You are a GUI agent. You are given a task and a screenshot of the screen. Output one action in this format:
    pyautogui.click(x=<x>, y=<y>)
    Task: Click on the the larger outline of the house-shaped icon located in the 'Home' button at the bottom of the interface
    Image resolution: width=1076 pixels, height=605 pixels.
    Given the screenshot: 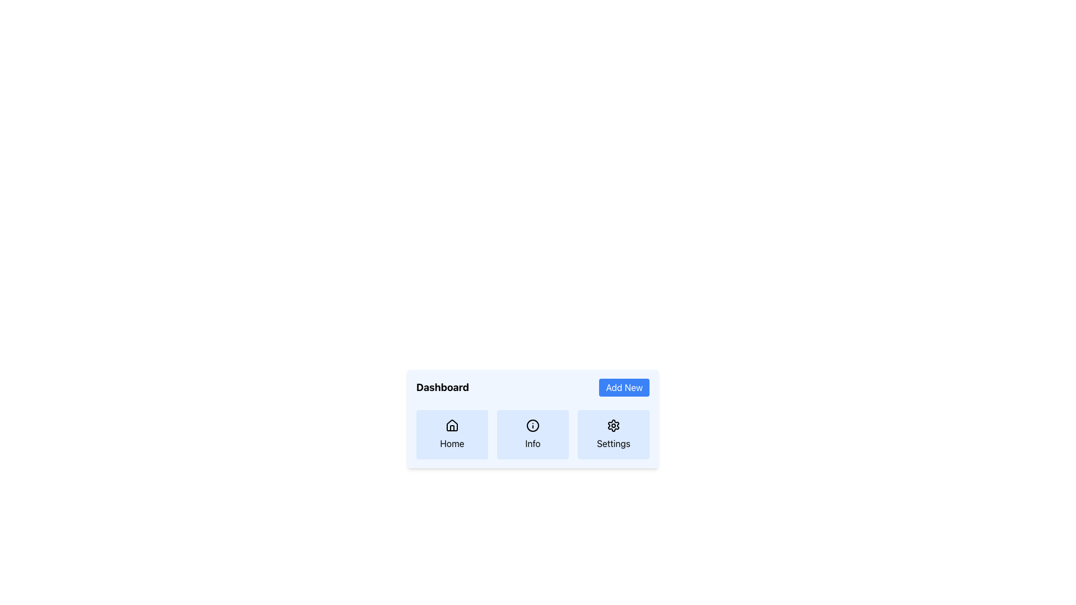 What is the action you would take?
    pyautogui.click(x=452, y=425)
    